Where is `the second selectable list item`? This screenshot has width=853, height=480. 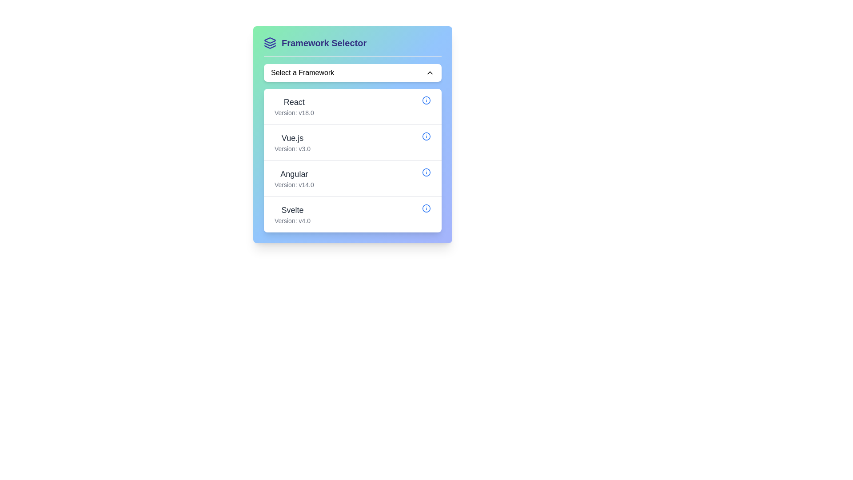 the second selectable list item is located at coordinates (292, 142).